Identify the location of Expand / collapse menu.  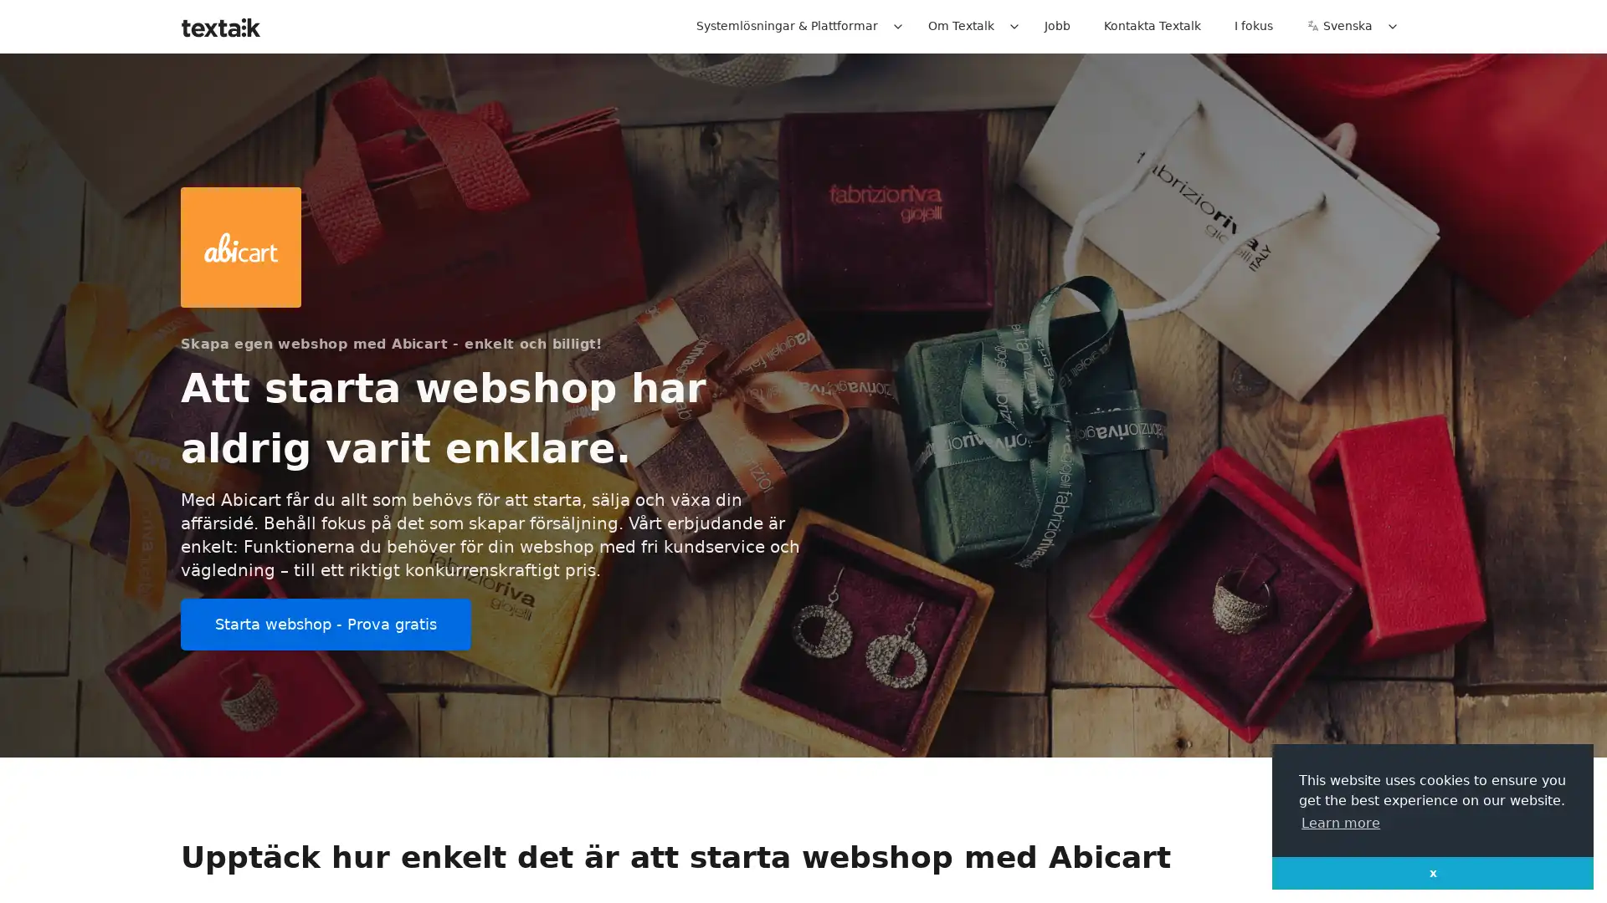
(1390, 25).